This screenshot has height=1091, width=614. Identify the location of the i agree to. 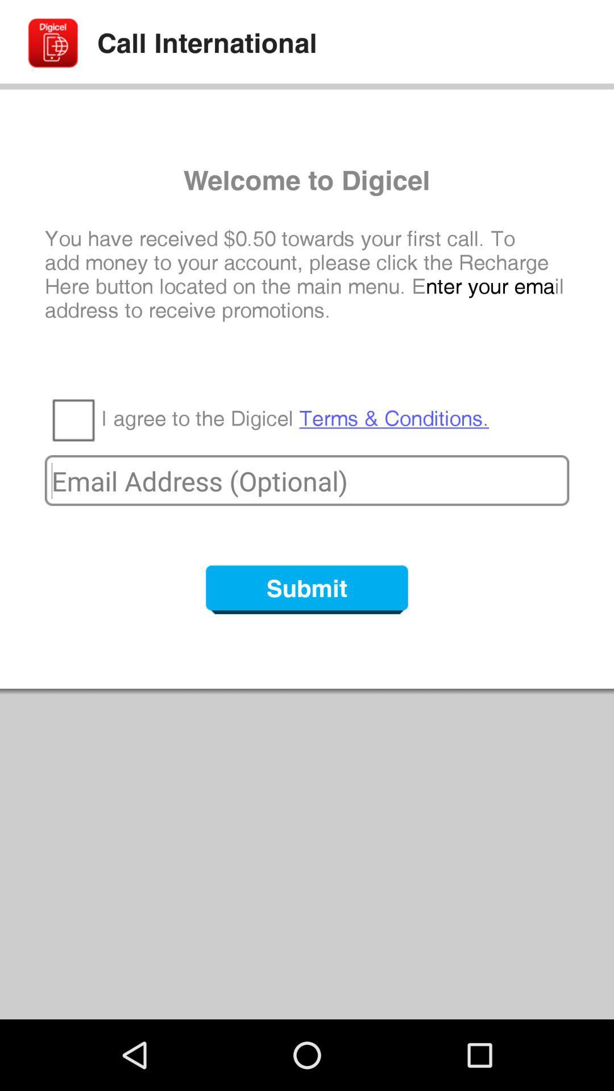
(294, 418).